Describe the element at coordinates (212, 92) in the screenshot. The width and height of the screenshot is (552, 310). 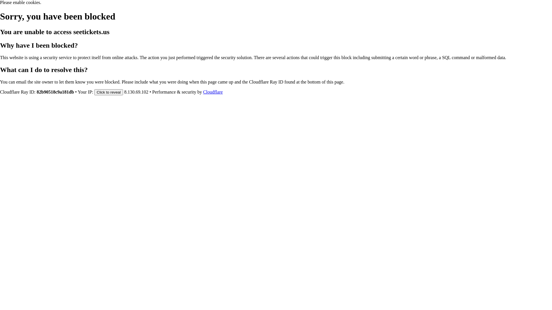
I see `'Cloudflare'` at that location.